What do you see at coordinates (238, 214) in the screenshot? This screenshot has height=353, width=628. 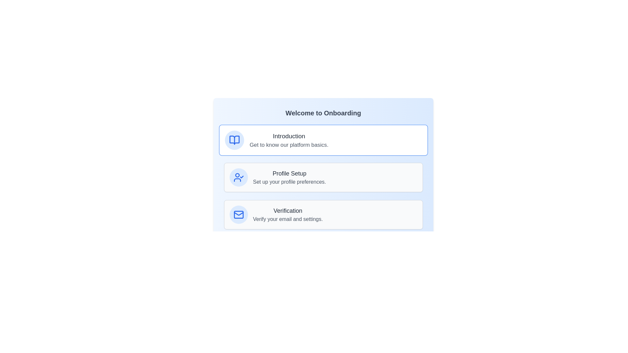 I see `the circular blue icon featuring a mail envelope, which is located next to the title 'Verification' and the description 'Verify your email and settings.'` at bounding box center [238, 214].